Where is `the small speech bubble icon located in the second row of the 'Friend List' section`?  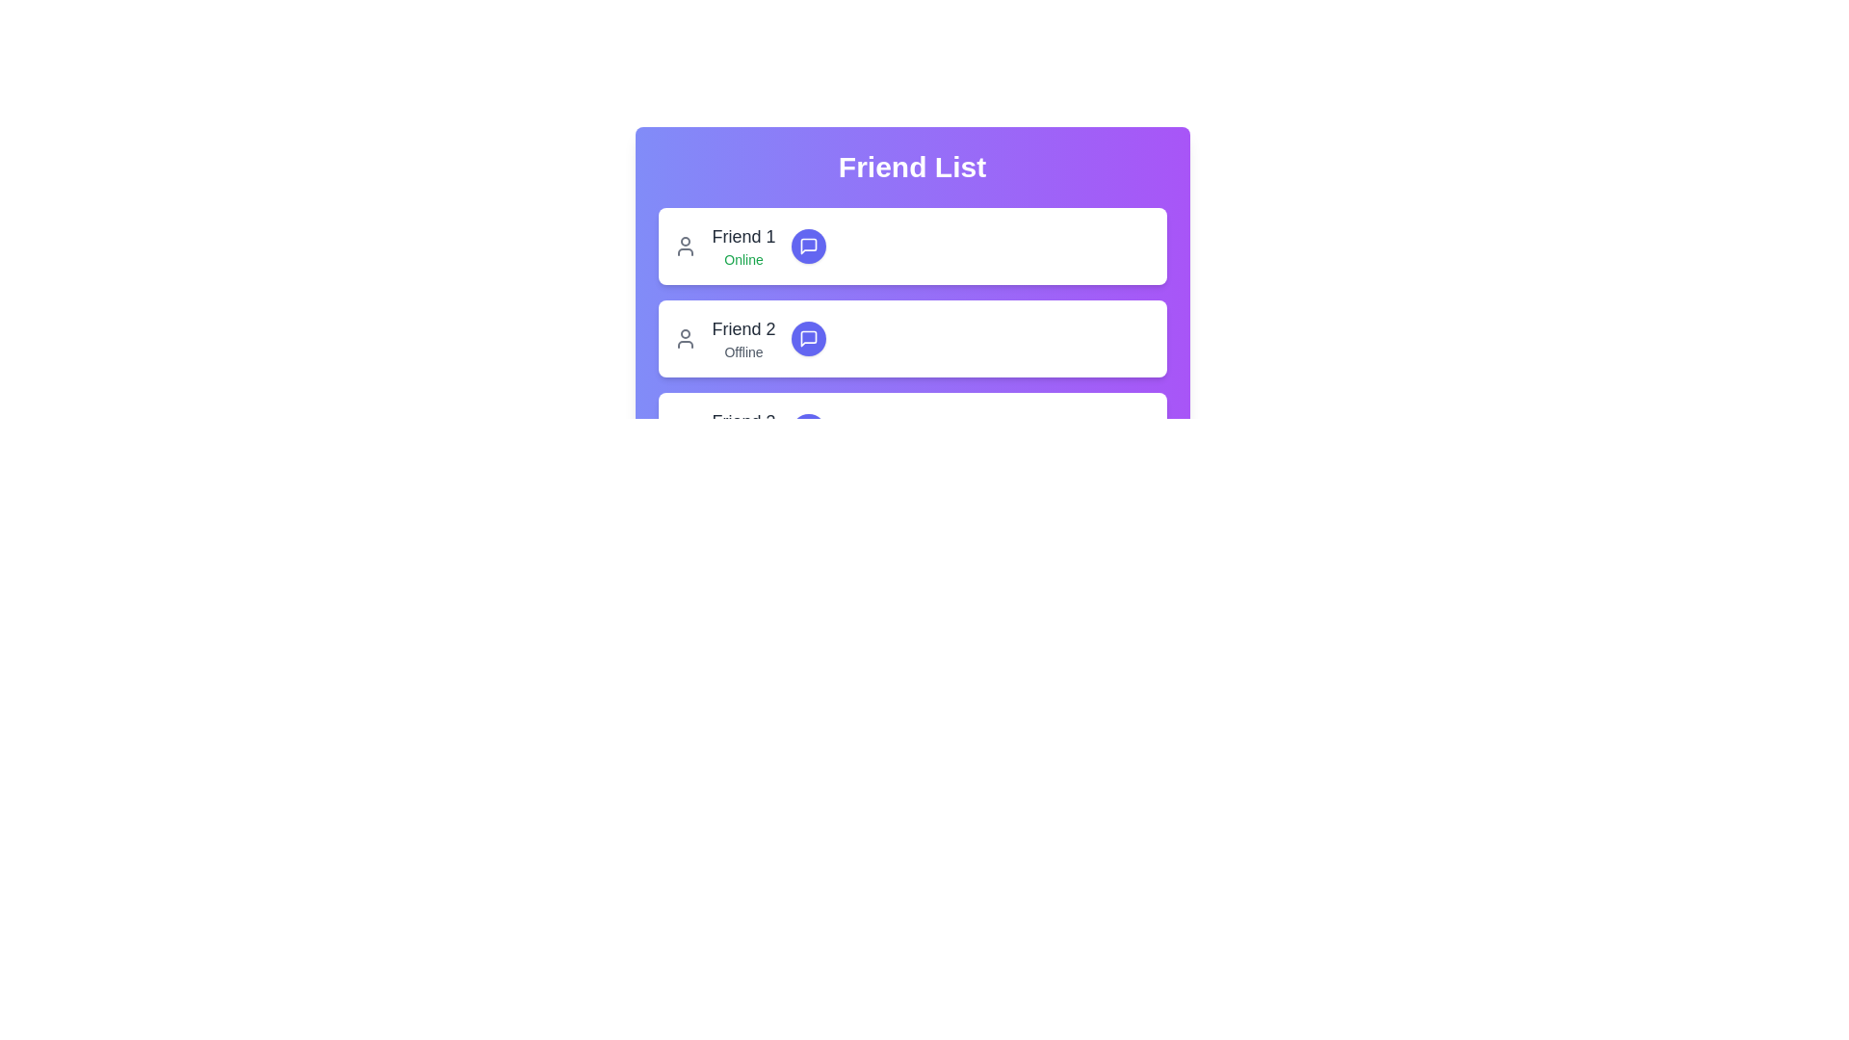
the small speech bubble icon located in the second row of the 'Friend List' section is located at coordinates (808, 337).